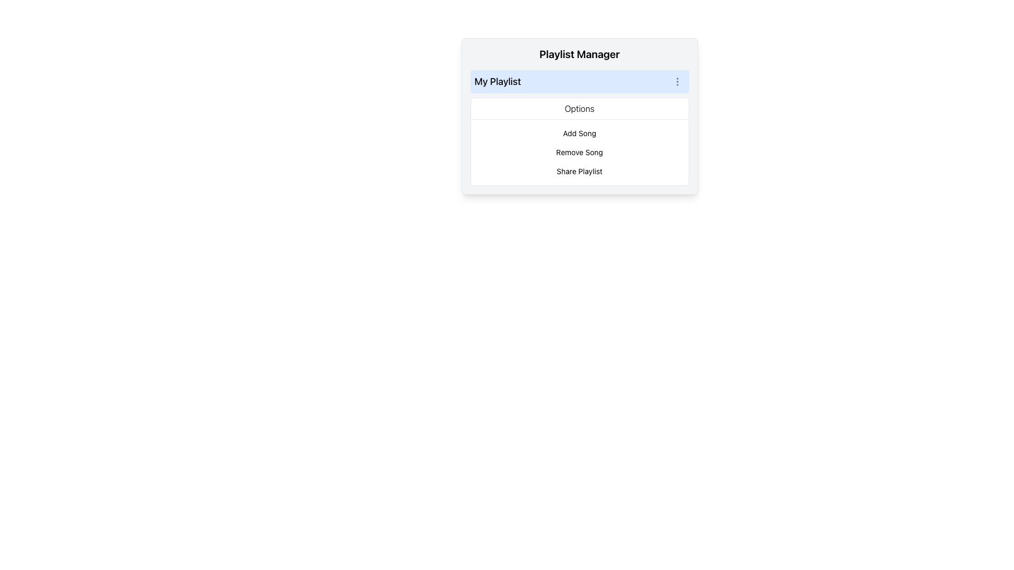  I want to click on the interactive options in the playlist management list located below the 'Options' section of the 'Playlist Manager' interface, so click(579, 127).